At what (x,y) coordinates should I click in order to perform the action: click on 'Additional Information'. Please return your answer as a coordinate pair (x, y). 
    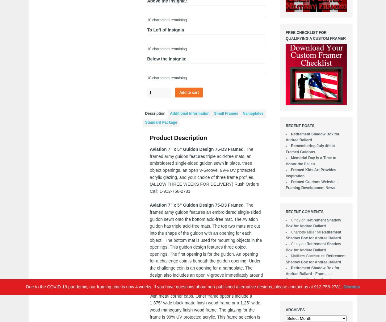
    Looking at the image, I should click on (170, 114).